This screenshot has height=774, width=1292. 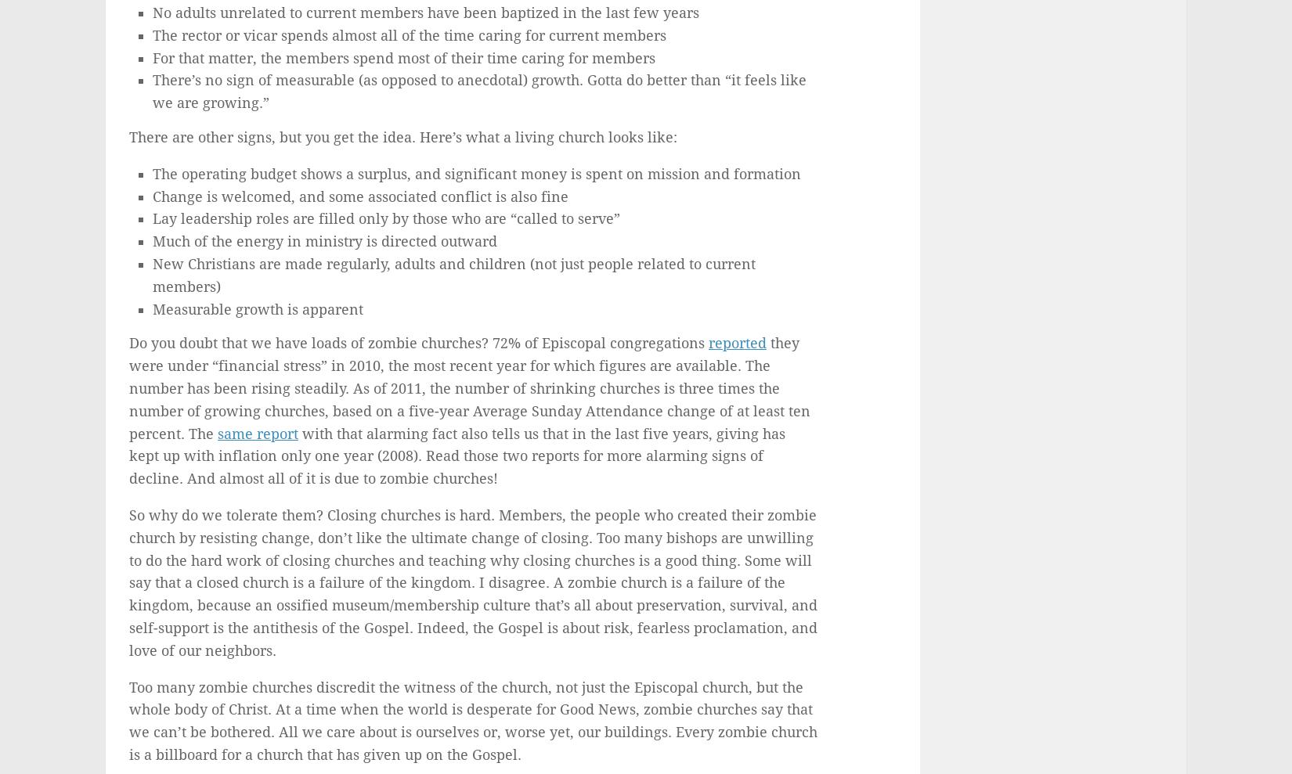 I want to click on 'The rector or vicar spends almost all of the time caring for current members', so click(x=409, y=34).